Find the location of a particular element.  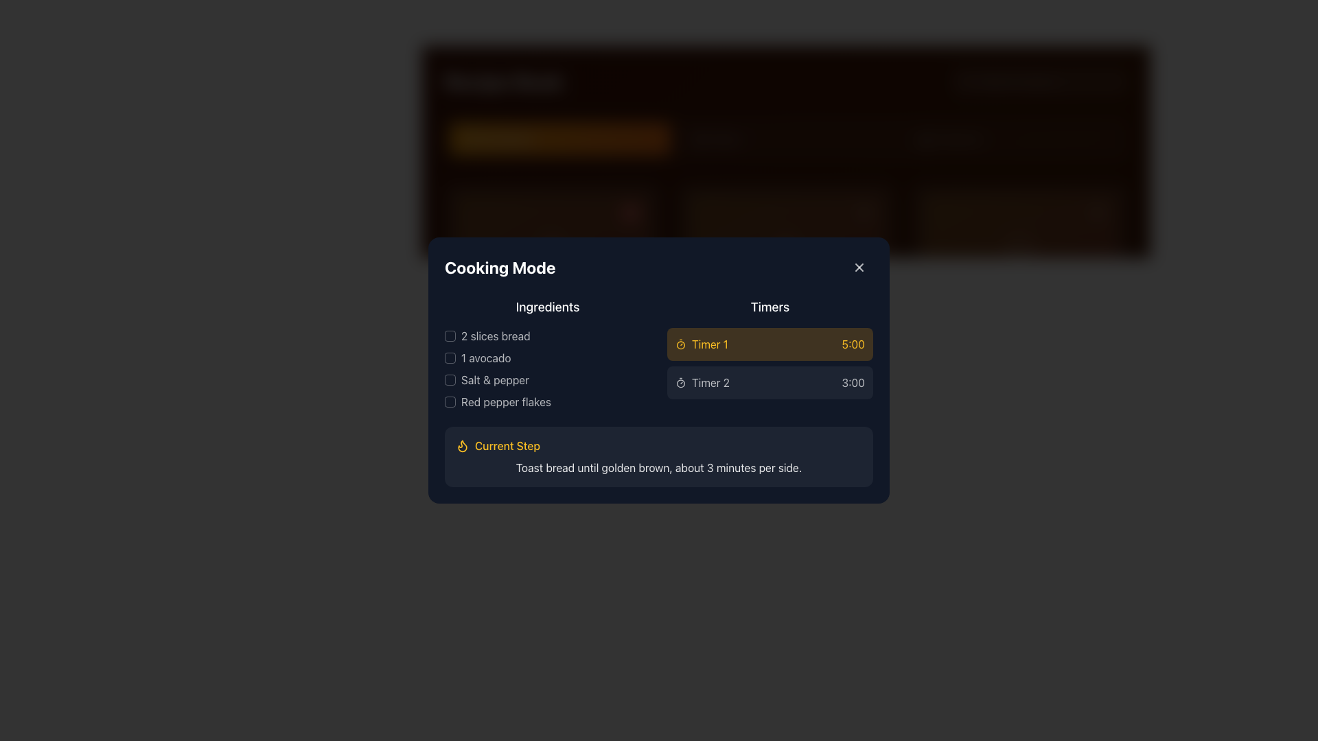

the static text reading 'Toast bread until golden brown, about 3 minutes per side.' which is located in the 'Current Step' section of the interface is located at coordinates (659, 467).